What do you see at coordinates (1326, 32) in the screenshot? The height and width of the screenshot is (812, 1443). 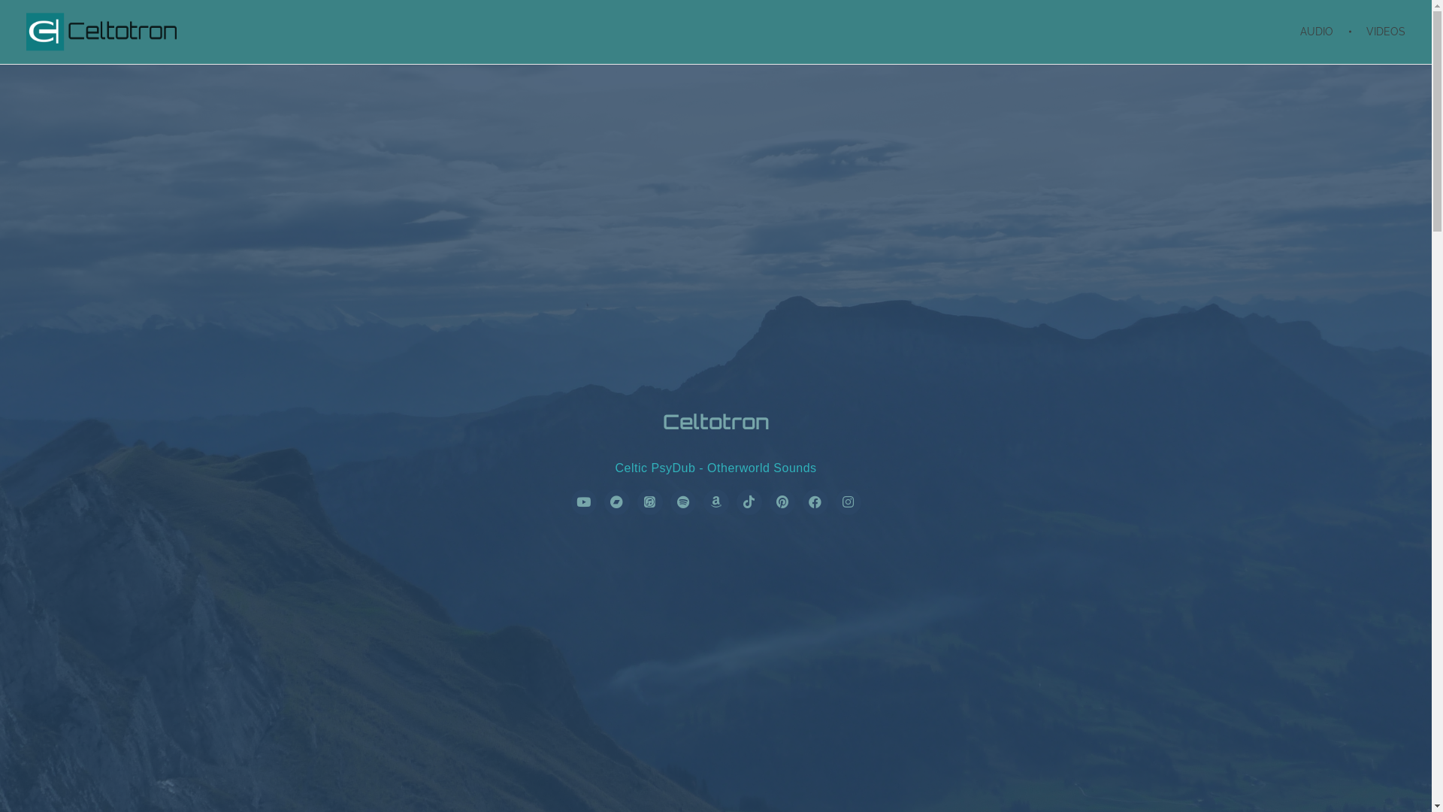 I see `'AUDIO'` at bounding box center [1326, 32].